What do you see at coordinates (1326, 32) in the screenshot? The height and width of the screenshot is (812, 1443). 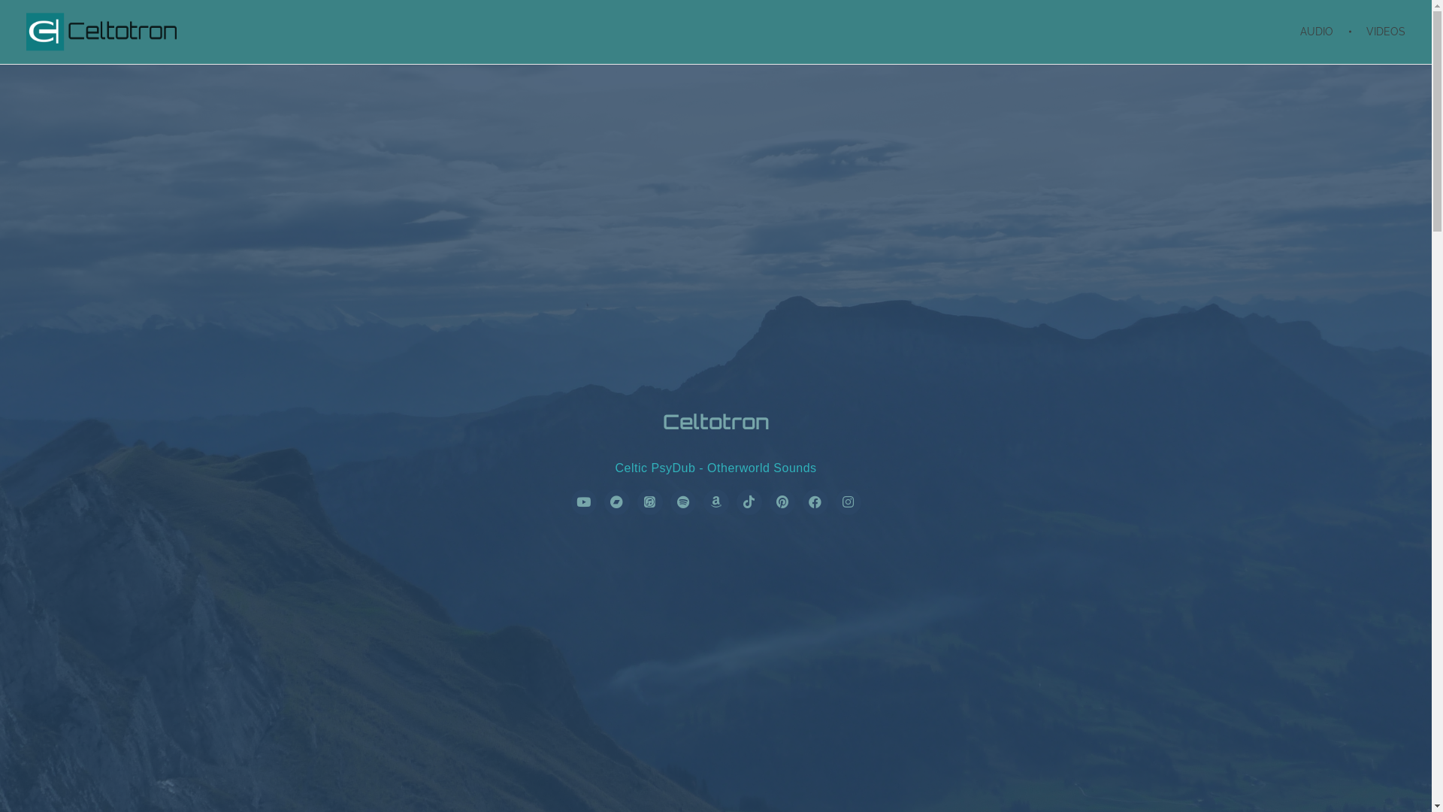 I see `'AUDIO'` at bounding box center [1326, 32].